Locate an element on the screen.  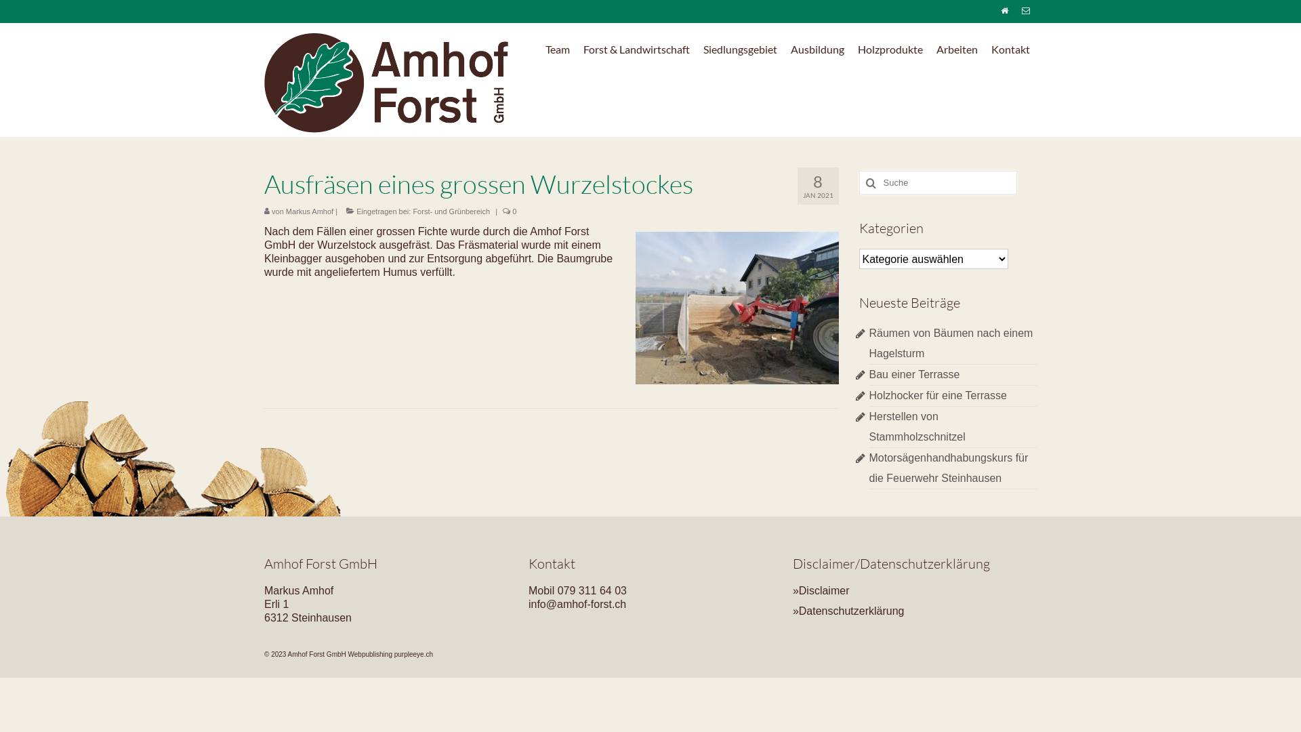
'Bau einer Terrasse' is located at coordinates (913, 374).